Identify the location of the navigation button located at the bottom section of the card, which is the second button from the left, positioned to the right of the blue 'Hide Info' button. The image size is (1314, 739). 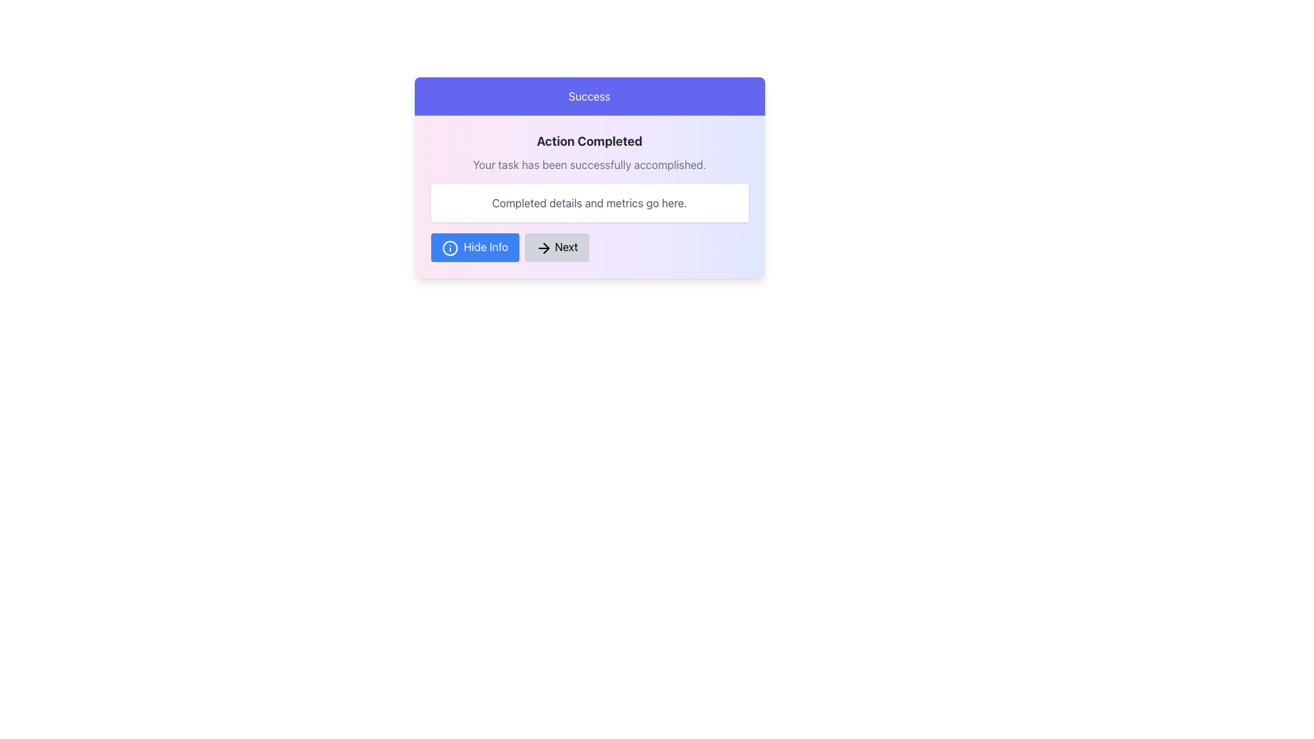
(556, 247).